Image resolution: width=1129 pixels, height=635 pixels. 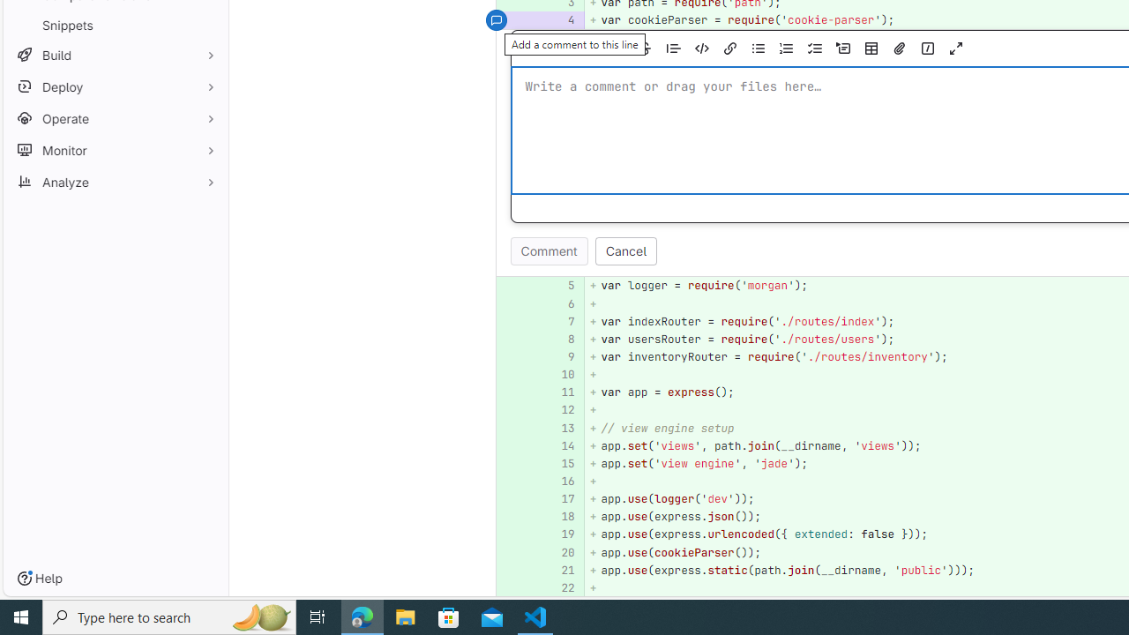 What do you see at coordinates (115, 118) in the screenshot?
I see `'Operate'` at bounding box center [115, 118].